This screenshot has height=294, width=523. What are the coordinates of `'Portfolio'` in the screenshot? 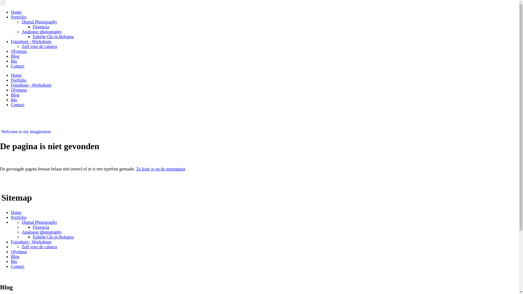 It's located at (19, 80).